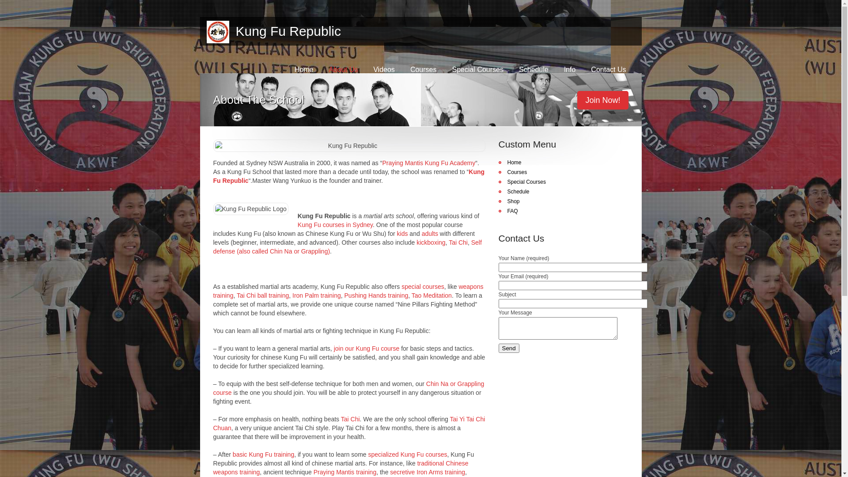 The width and height of the screenshot is (848, 477). What do you see at coordinates (373, 69) in the screenshot?
I see `'Videos'` at bounding box center [373, 69].